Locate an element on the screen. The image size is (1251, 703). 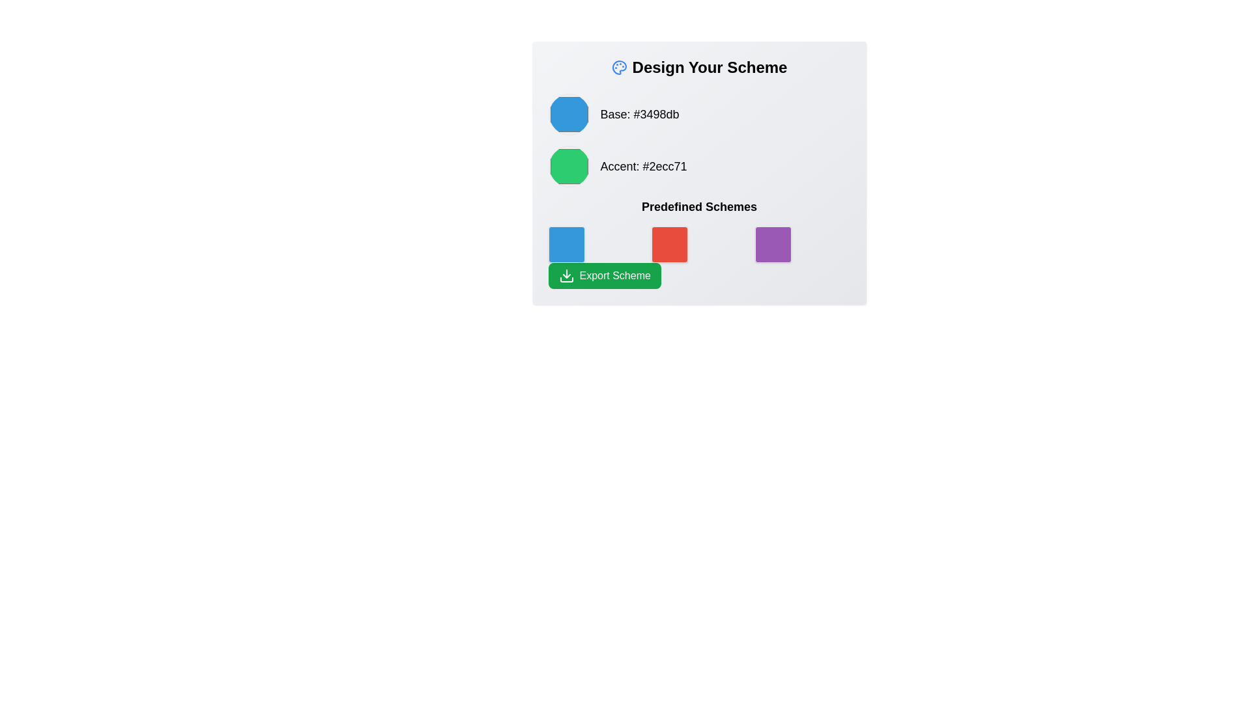
the icon that represents the theme or purpose of the interface related to designing or choosing color schemes, located to the left of the 'Design Your Scheme' header text is located at coordinates (618, 68).